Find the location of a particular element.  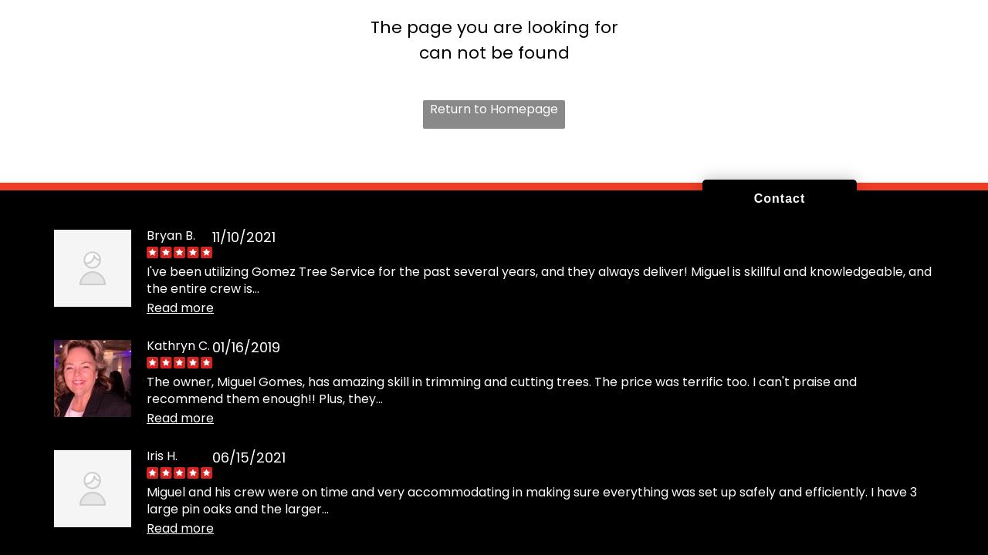

'Iris H.' is located at coordinates (162, 454).